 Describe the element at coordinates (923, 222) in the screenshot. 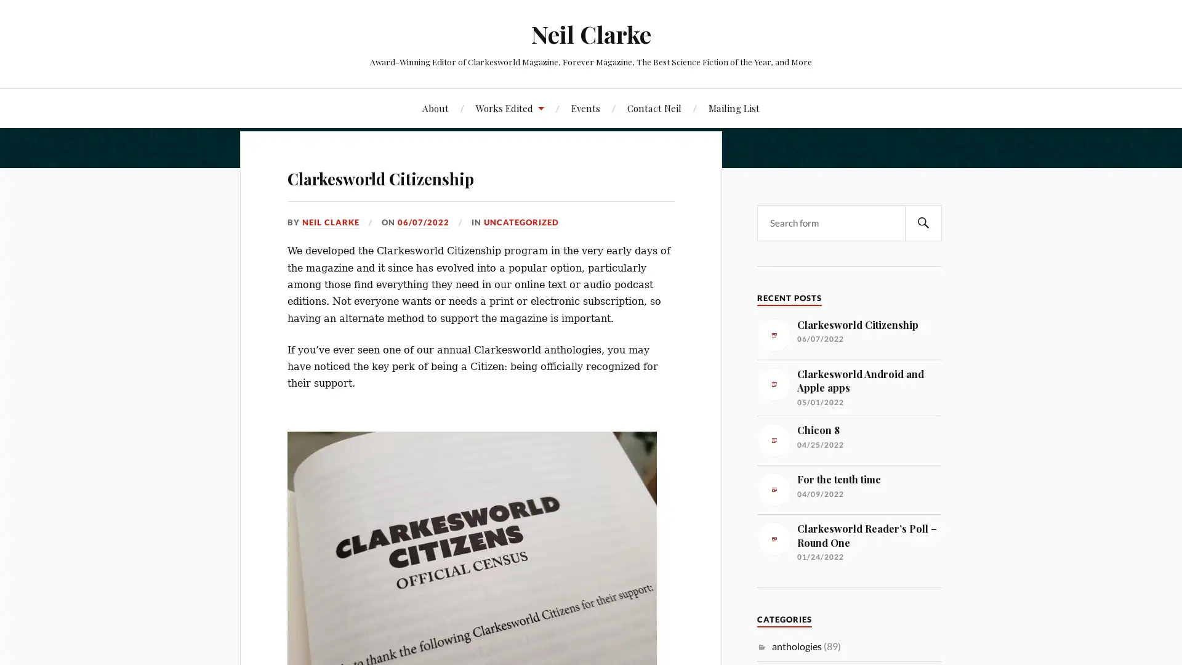

I see `SEARCH` at that location.